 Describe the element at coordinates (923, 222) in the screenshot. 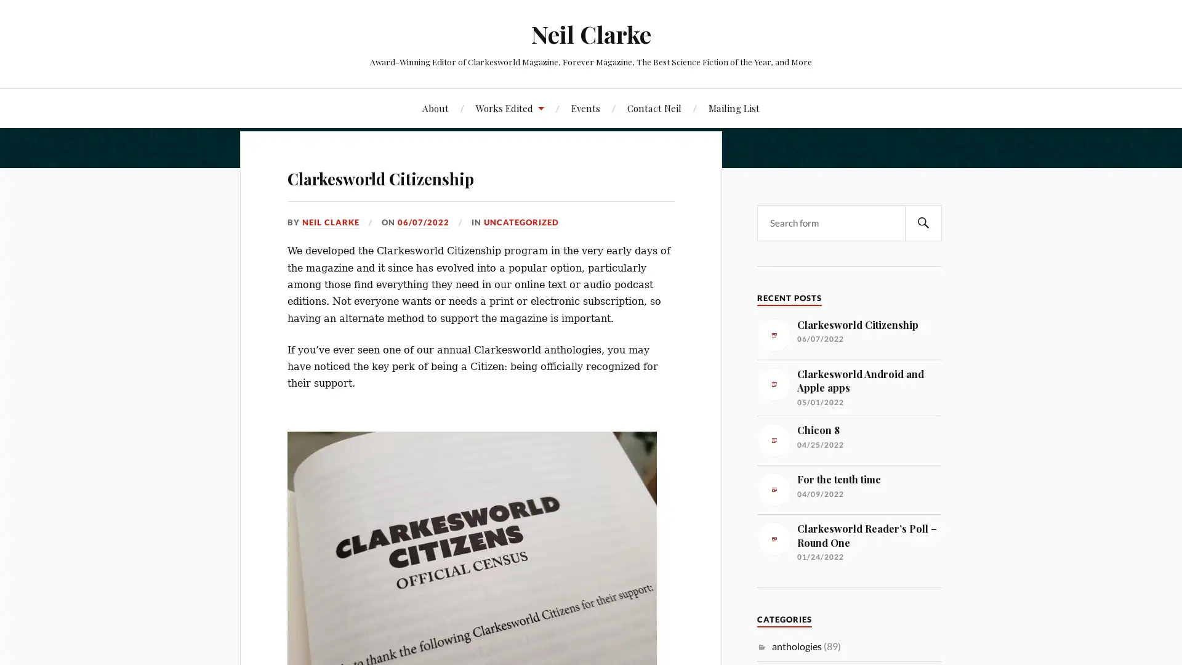

I see `SEARCH` at that location.